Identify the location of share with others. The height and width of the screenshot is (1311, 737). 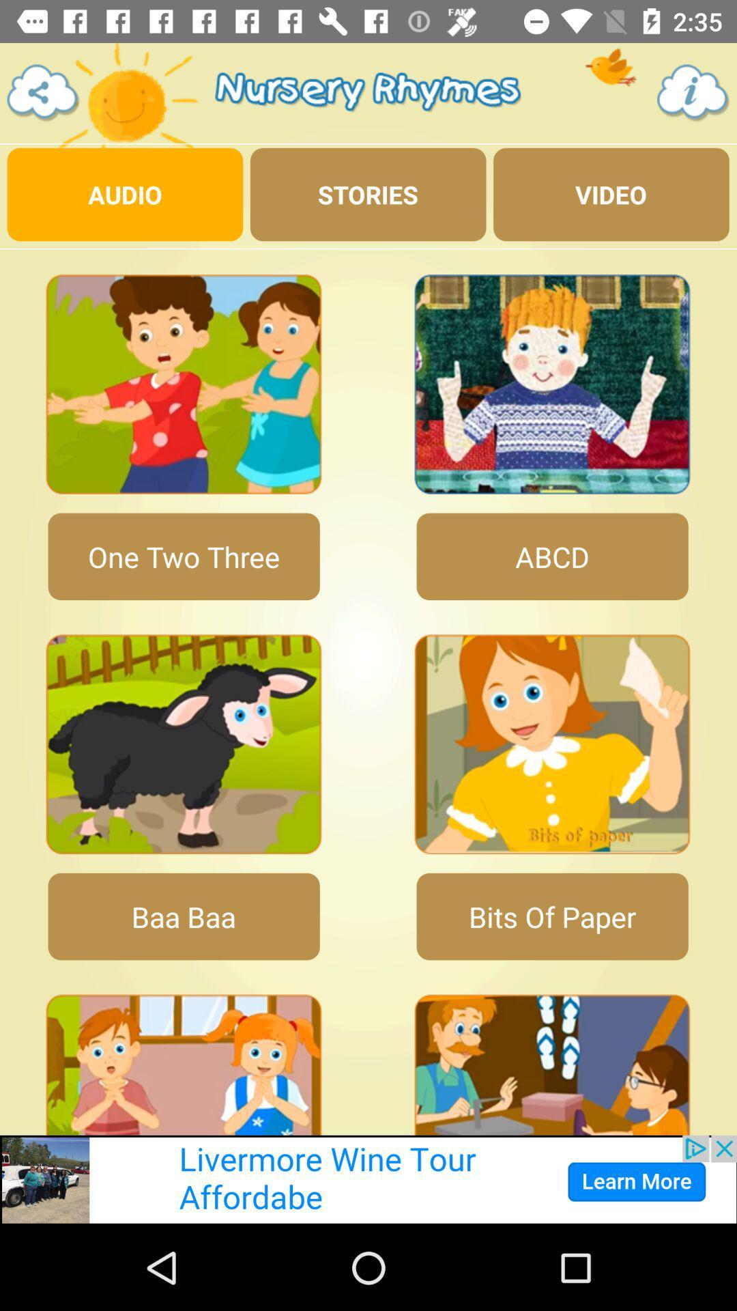
(42, 92).